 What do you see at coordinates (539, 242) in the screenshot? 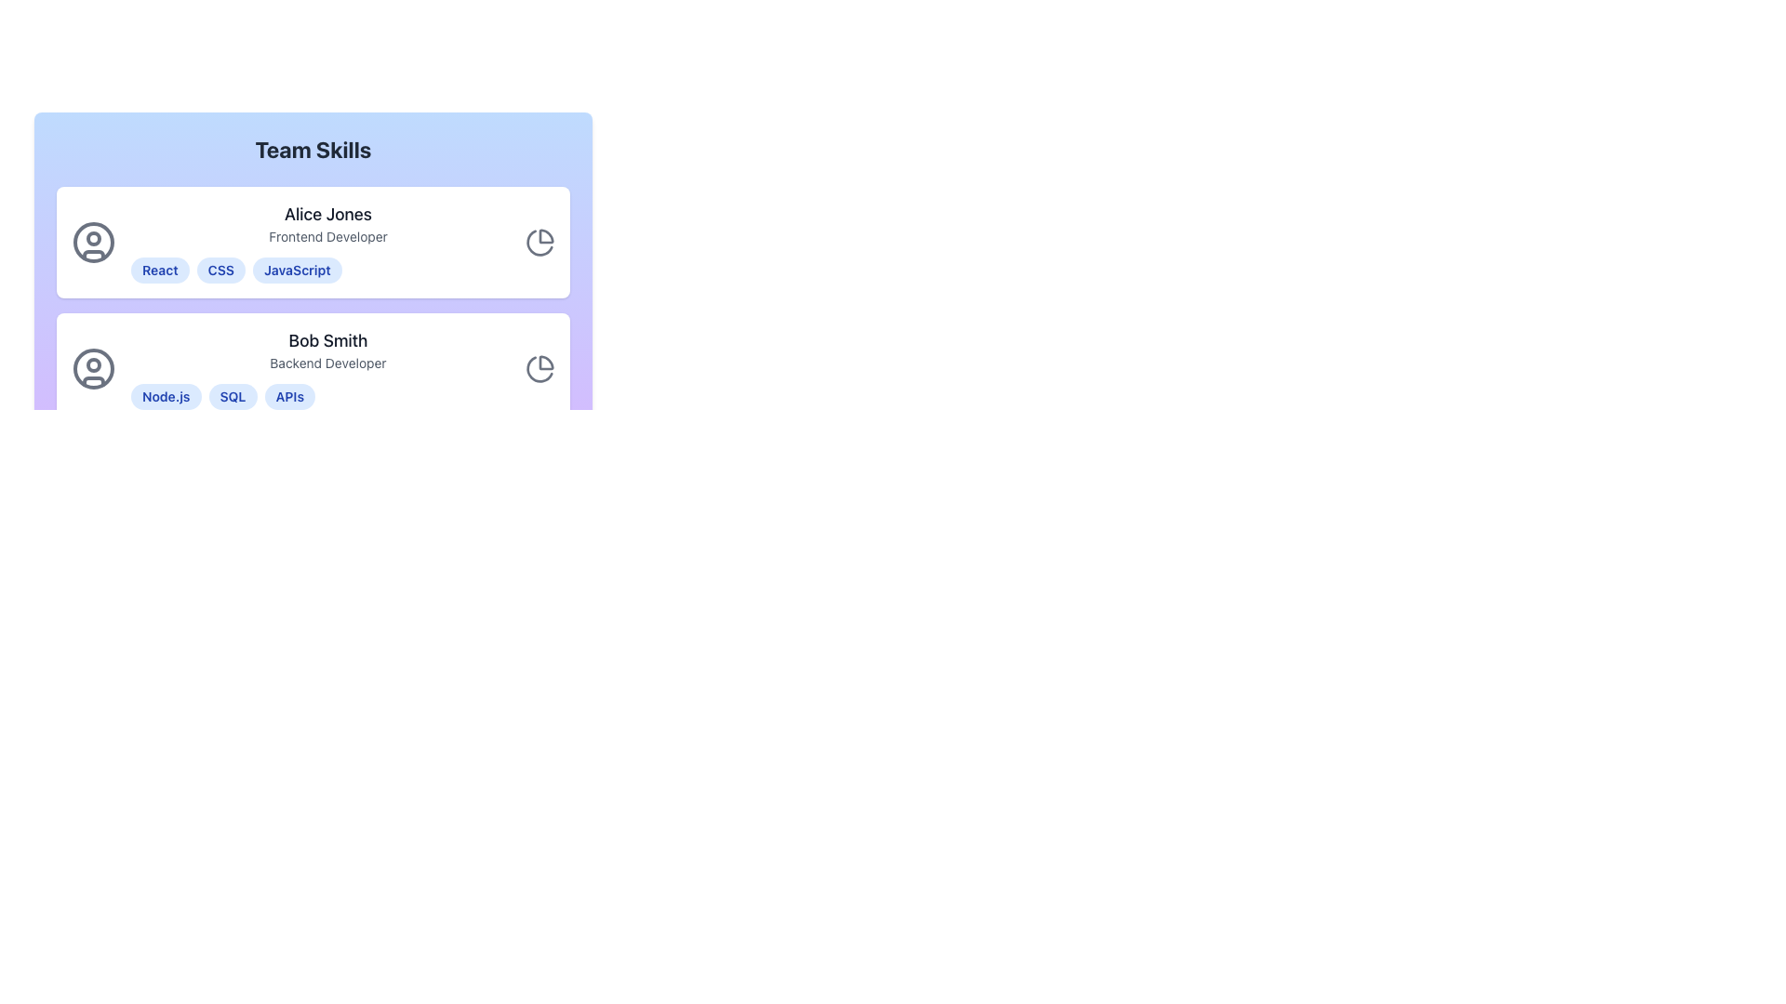
I see `the analytics icon located at the top-right corner of the card for Alice Jones to interact with the associated analytics` at bounding box center [539, 242].